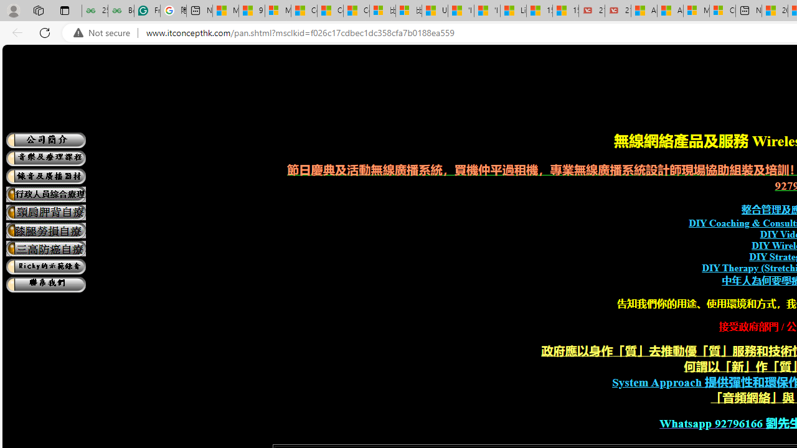  Describe the element at coordinates (105, 32) in the screenshot. I see `'Not secure'` at that location.